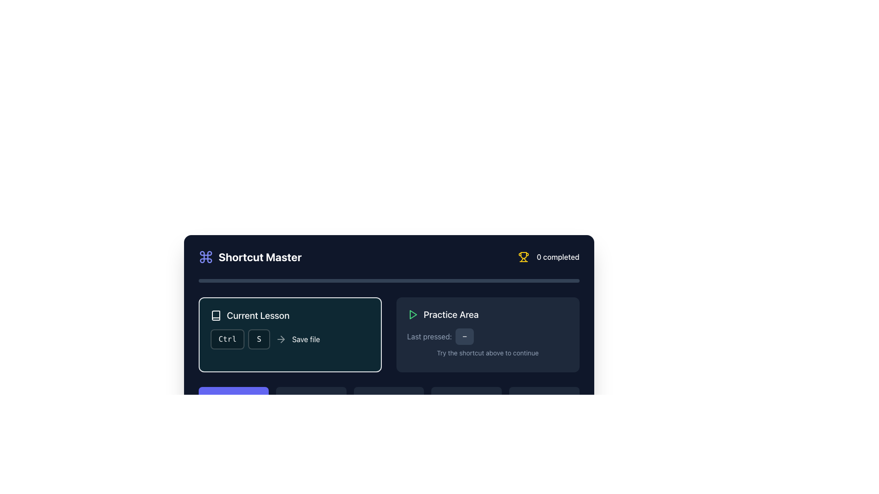 This screenshot has height=494, width=879. Describe the element at coordinates (524, 255) in the screenshot. I see `the trophy icon element in the top-right corner of the interface, which symbolizes achievement and is colored yellow` at that location.